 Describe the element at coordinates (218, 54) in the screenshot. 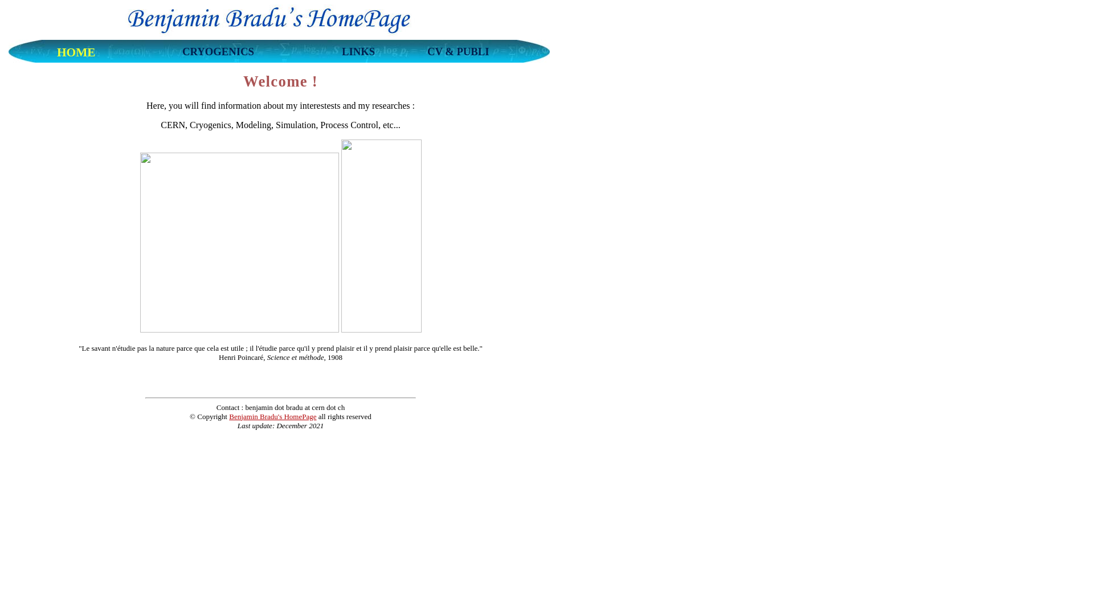

I see `'CRYOGENICS'` at that location.